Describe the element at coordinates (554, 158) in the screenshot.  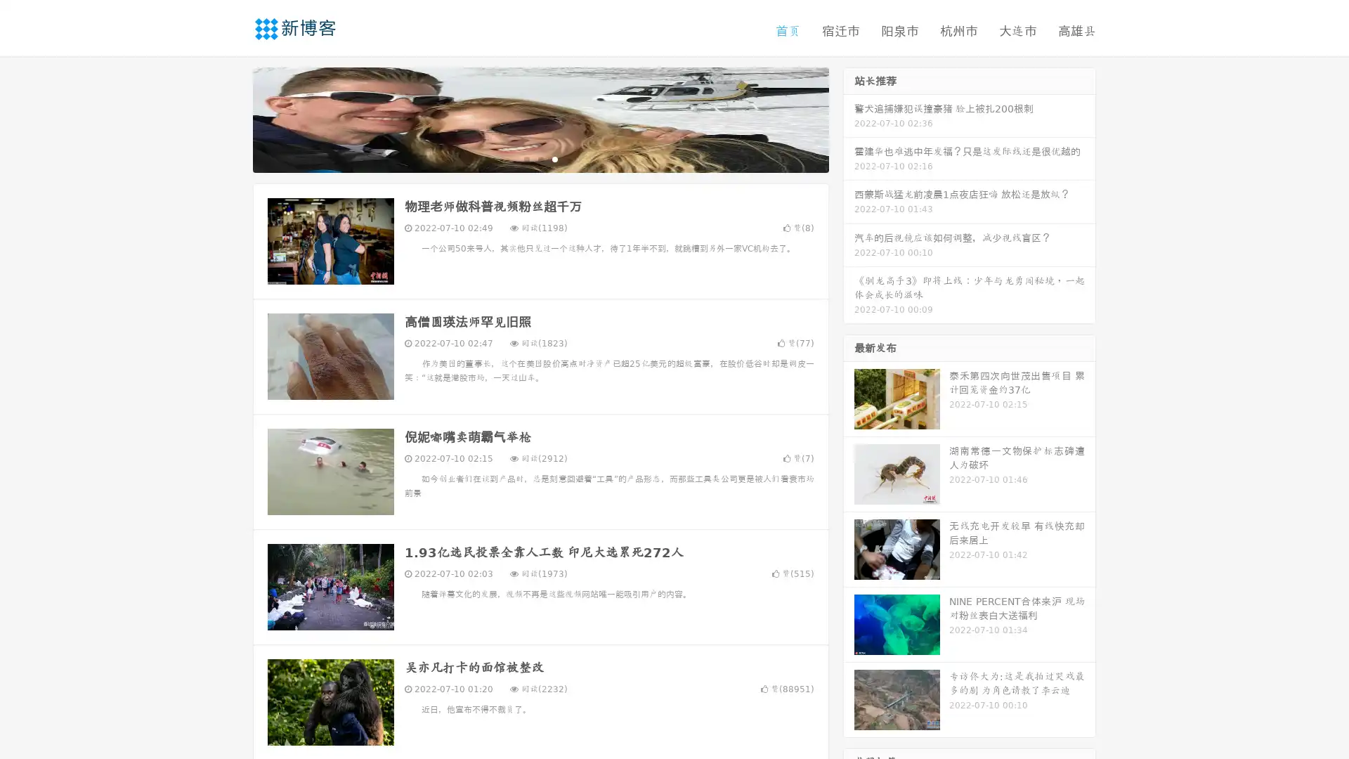
I see `Go to slide 3` at that location.